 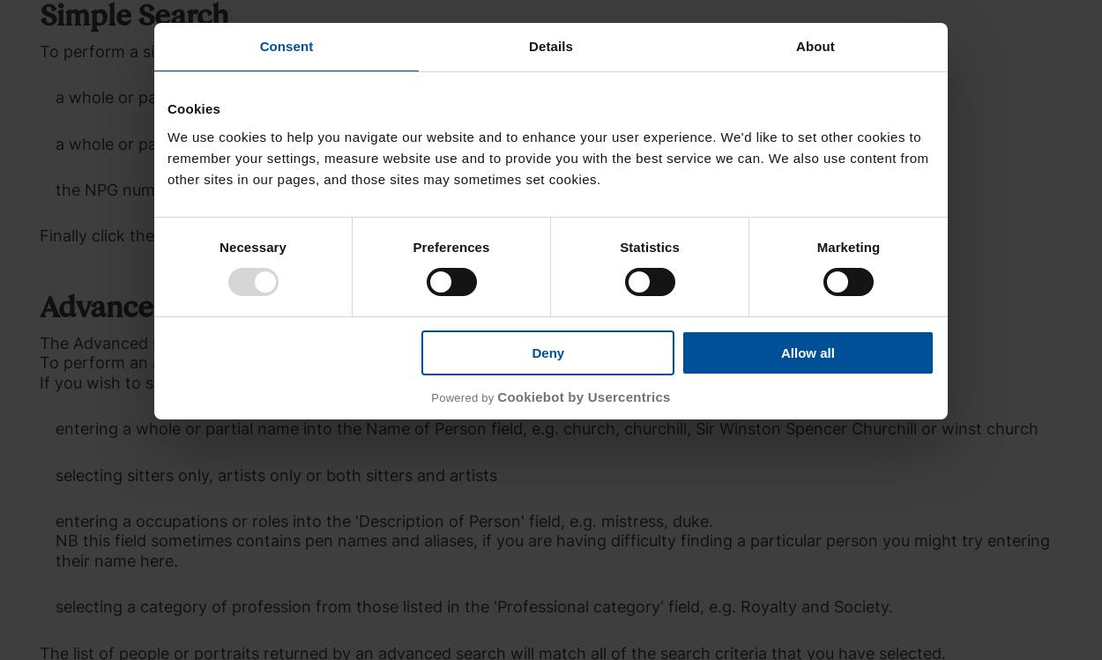 What do you see at coordinates (464, 397) in the screenshot?
I see `'Powered by'` at bounding box center [464, 397].